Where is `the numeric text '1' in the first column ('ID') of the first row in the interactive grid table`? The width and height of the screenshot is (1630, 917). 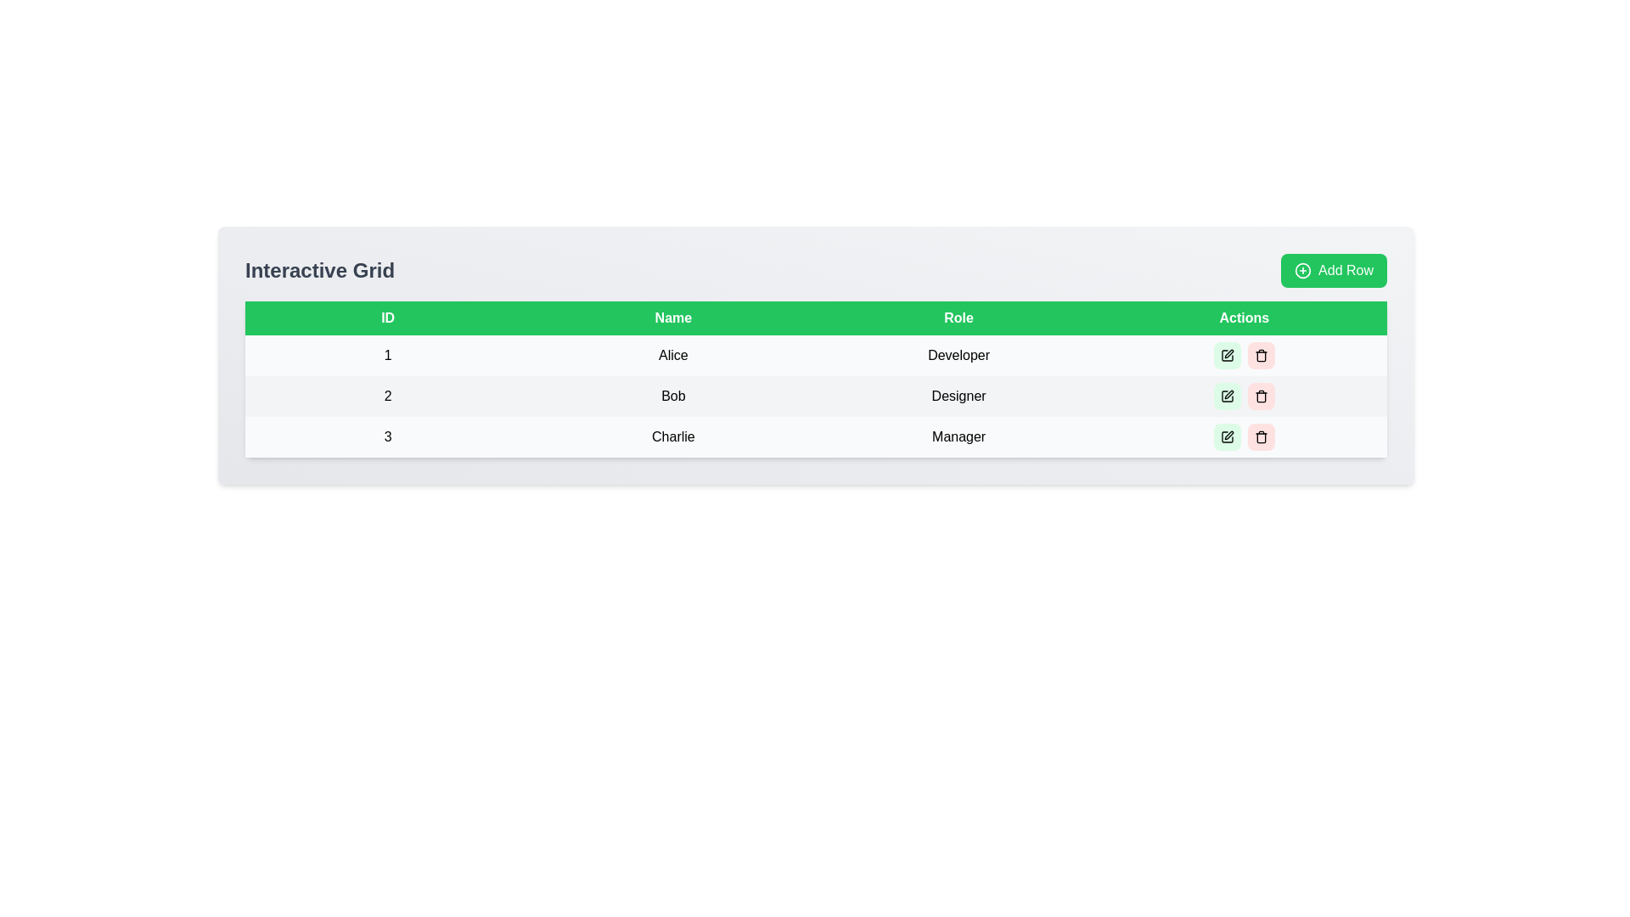
the numeric text '1' in the first column ('ID') of the first row in the interactive grid table is located at coordinates (387, 355).